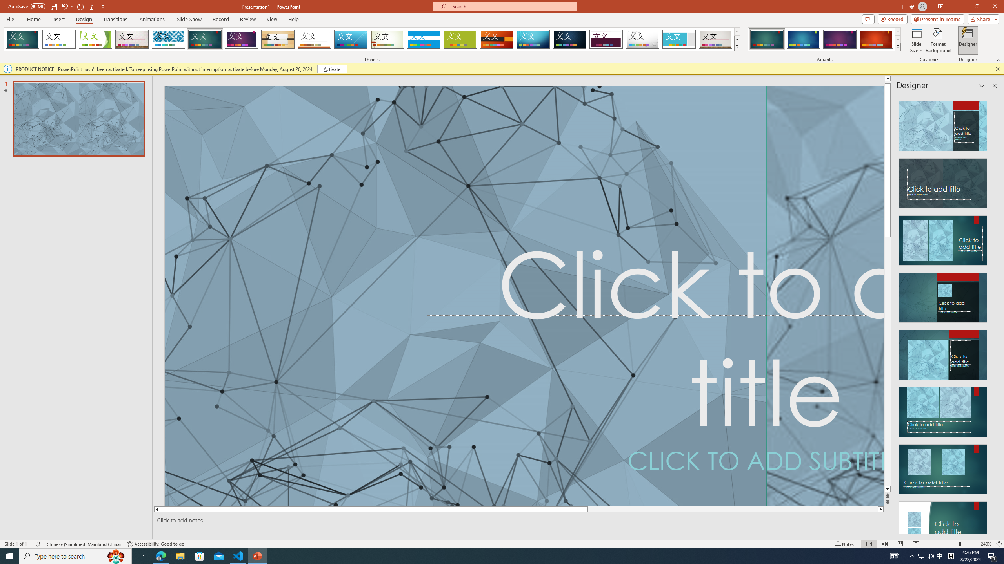 The height and width of the screenshot is (564, 1004). What do you see at coordinates (942, 123) in the screenshot?
I see `'Recommended Design: Design Idea'` at bounding box center [942, 123].